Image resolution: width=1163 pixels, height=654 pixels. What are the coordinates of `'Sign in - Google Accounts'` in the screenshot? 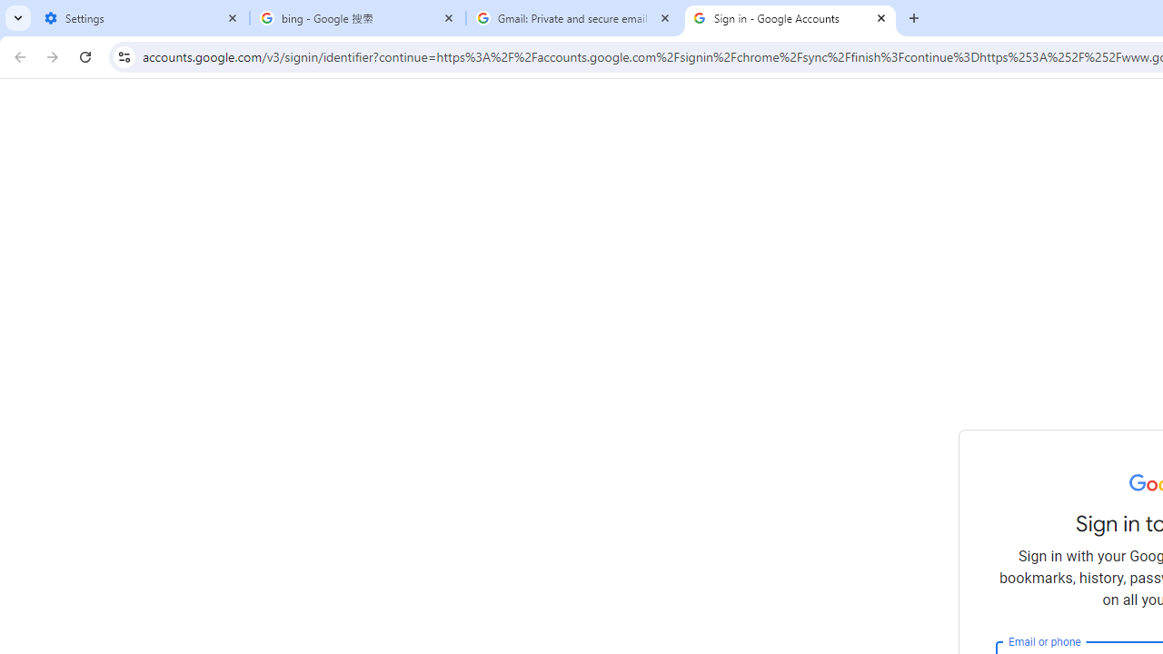 It's located at (790, 18).